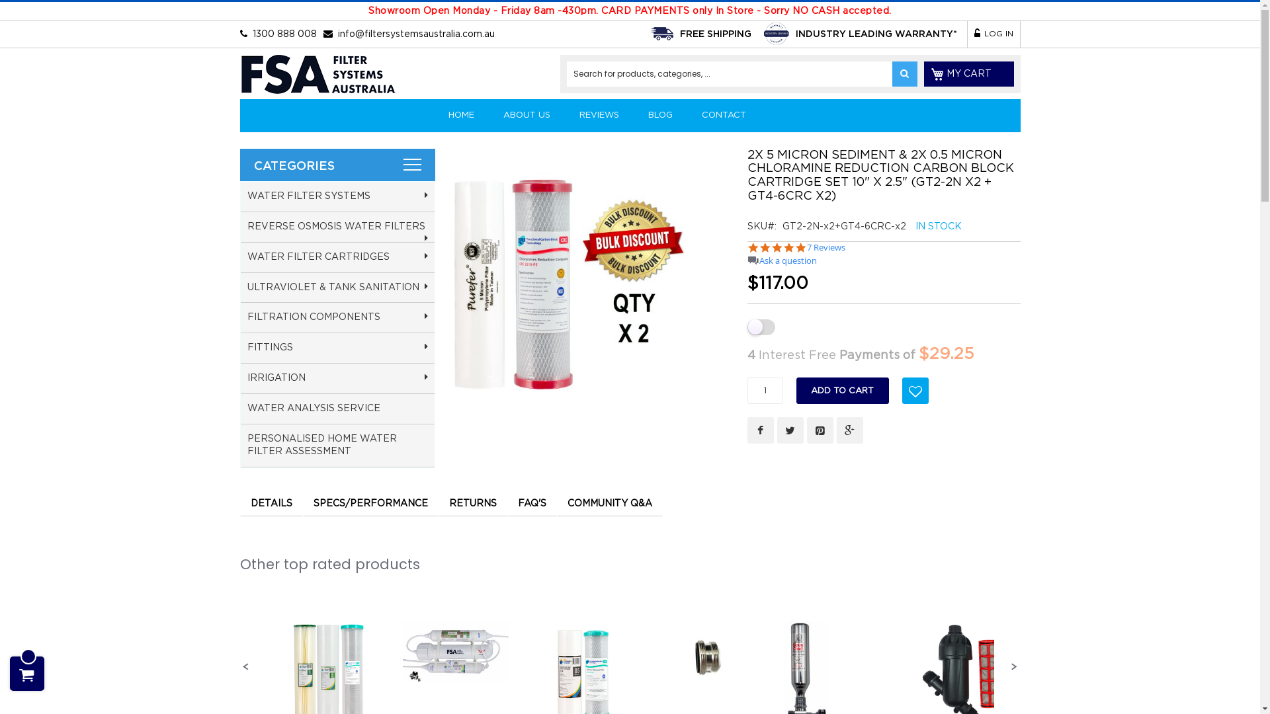 This screenshot has height=714, width=1270. Describe the element at coordinates (525, 114) in the screenshot. I see `'ABOUT US'` at that location.